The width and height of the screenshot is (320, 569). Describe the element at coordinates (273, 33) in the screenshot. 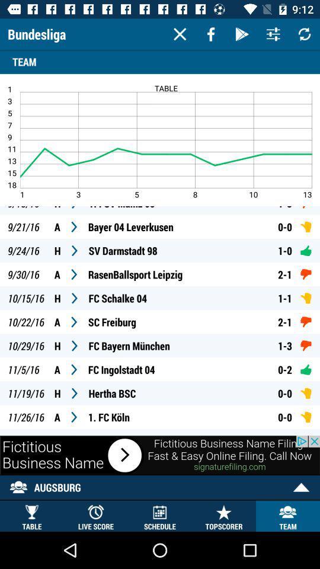

I see `the sliders icon` at that location.